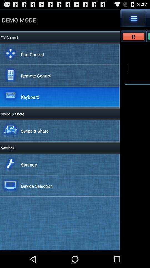 Image resolution: width=150 pixels, height=268 pixels. I want to click on red input button, so click(133, 36).